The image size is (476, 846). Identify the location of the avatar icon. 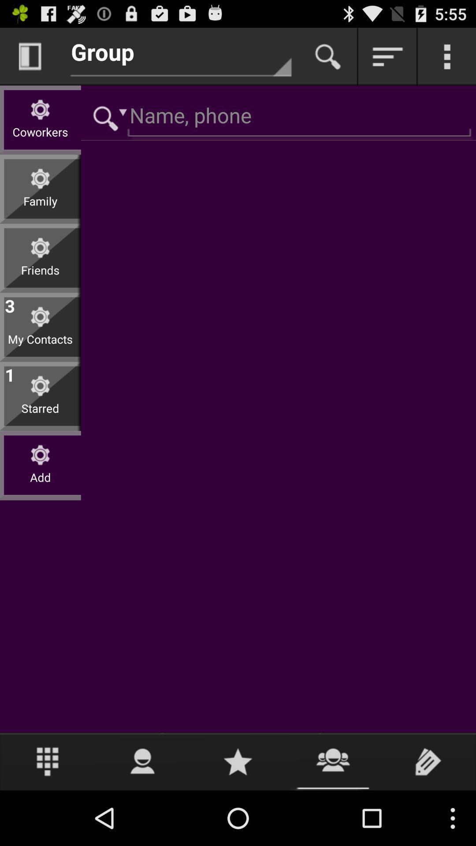
(142, 814).